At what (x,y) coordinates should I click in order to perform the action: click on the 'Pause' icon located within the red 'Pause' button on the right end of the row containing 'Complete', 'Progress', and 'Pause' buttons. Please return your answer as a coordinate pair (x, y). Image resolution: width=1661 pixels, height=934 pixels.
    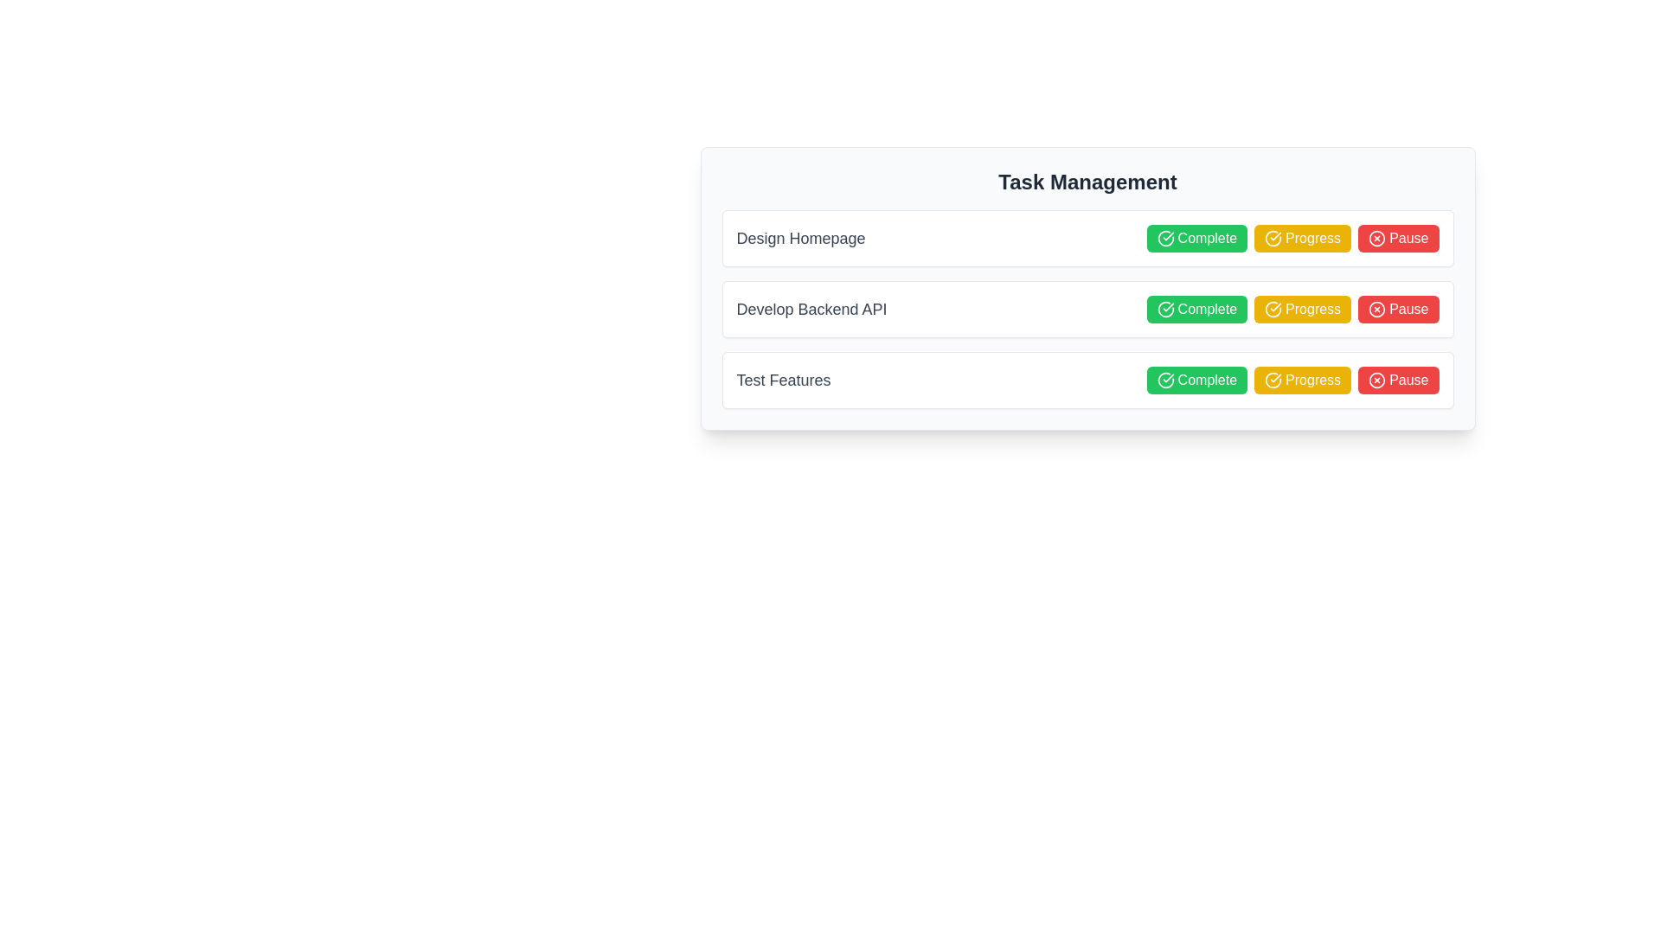
    Looking at the image, I should click on (1376, 239).